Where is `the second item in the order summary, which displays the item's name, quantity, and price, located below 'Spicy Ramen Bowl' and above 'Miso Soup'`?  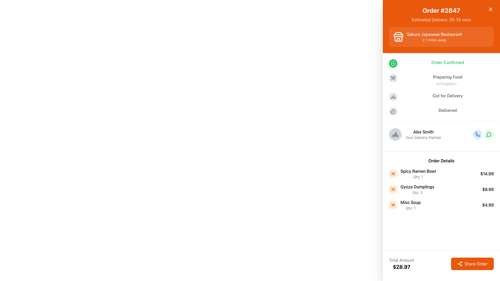
the second item in the order summary, which displays the item's name, quantity, and price, located below 'Spicy Ramen Bowl' and above 'Miso Soup' is located at coordinates (441, 189).